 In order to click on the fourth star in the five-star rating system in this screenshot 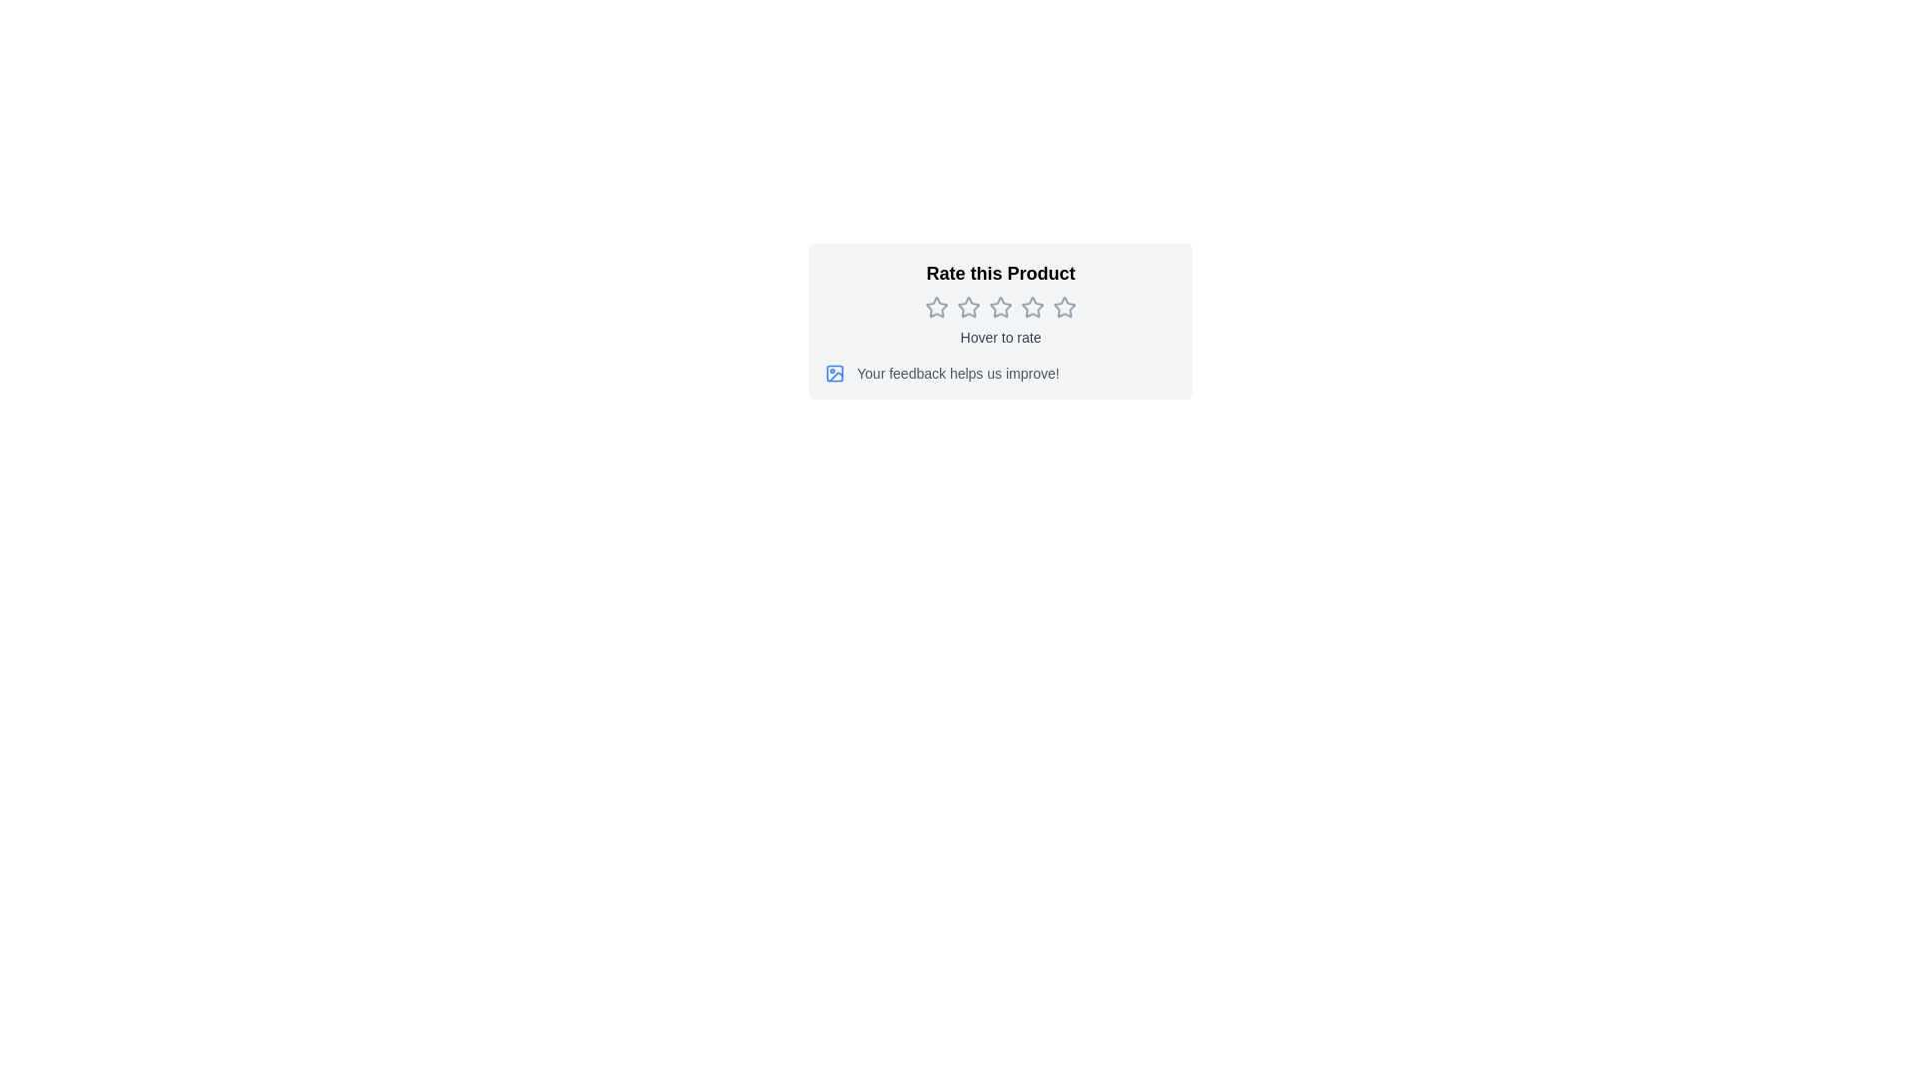, I will do `click(1032, 308)`.